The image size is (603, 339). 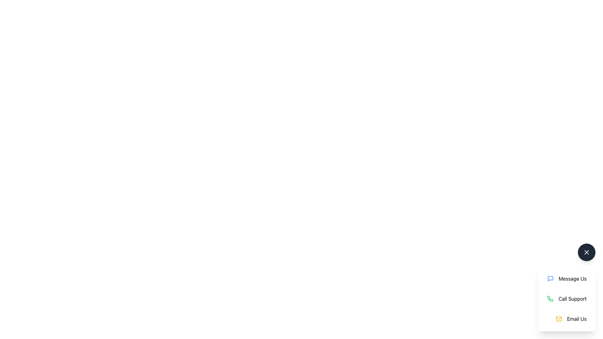 I want to click on the green phone icon which is part of the 'Call Support' button in the vertical list of options, so click(x=550, y=299).